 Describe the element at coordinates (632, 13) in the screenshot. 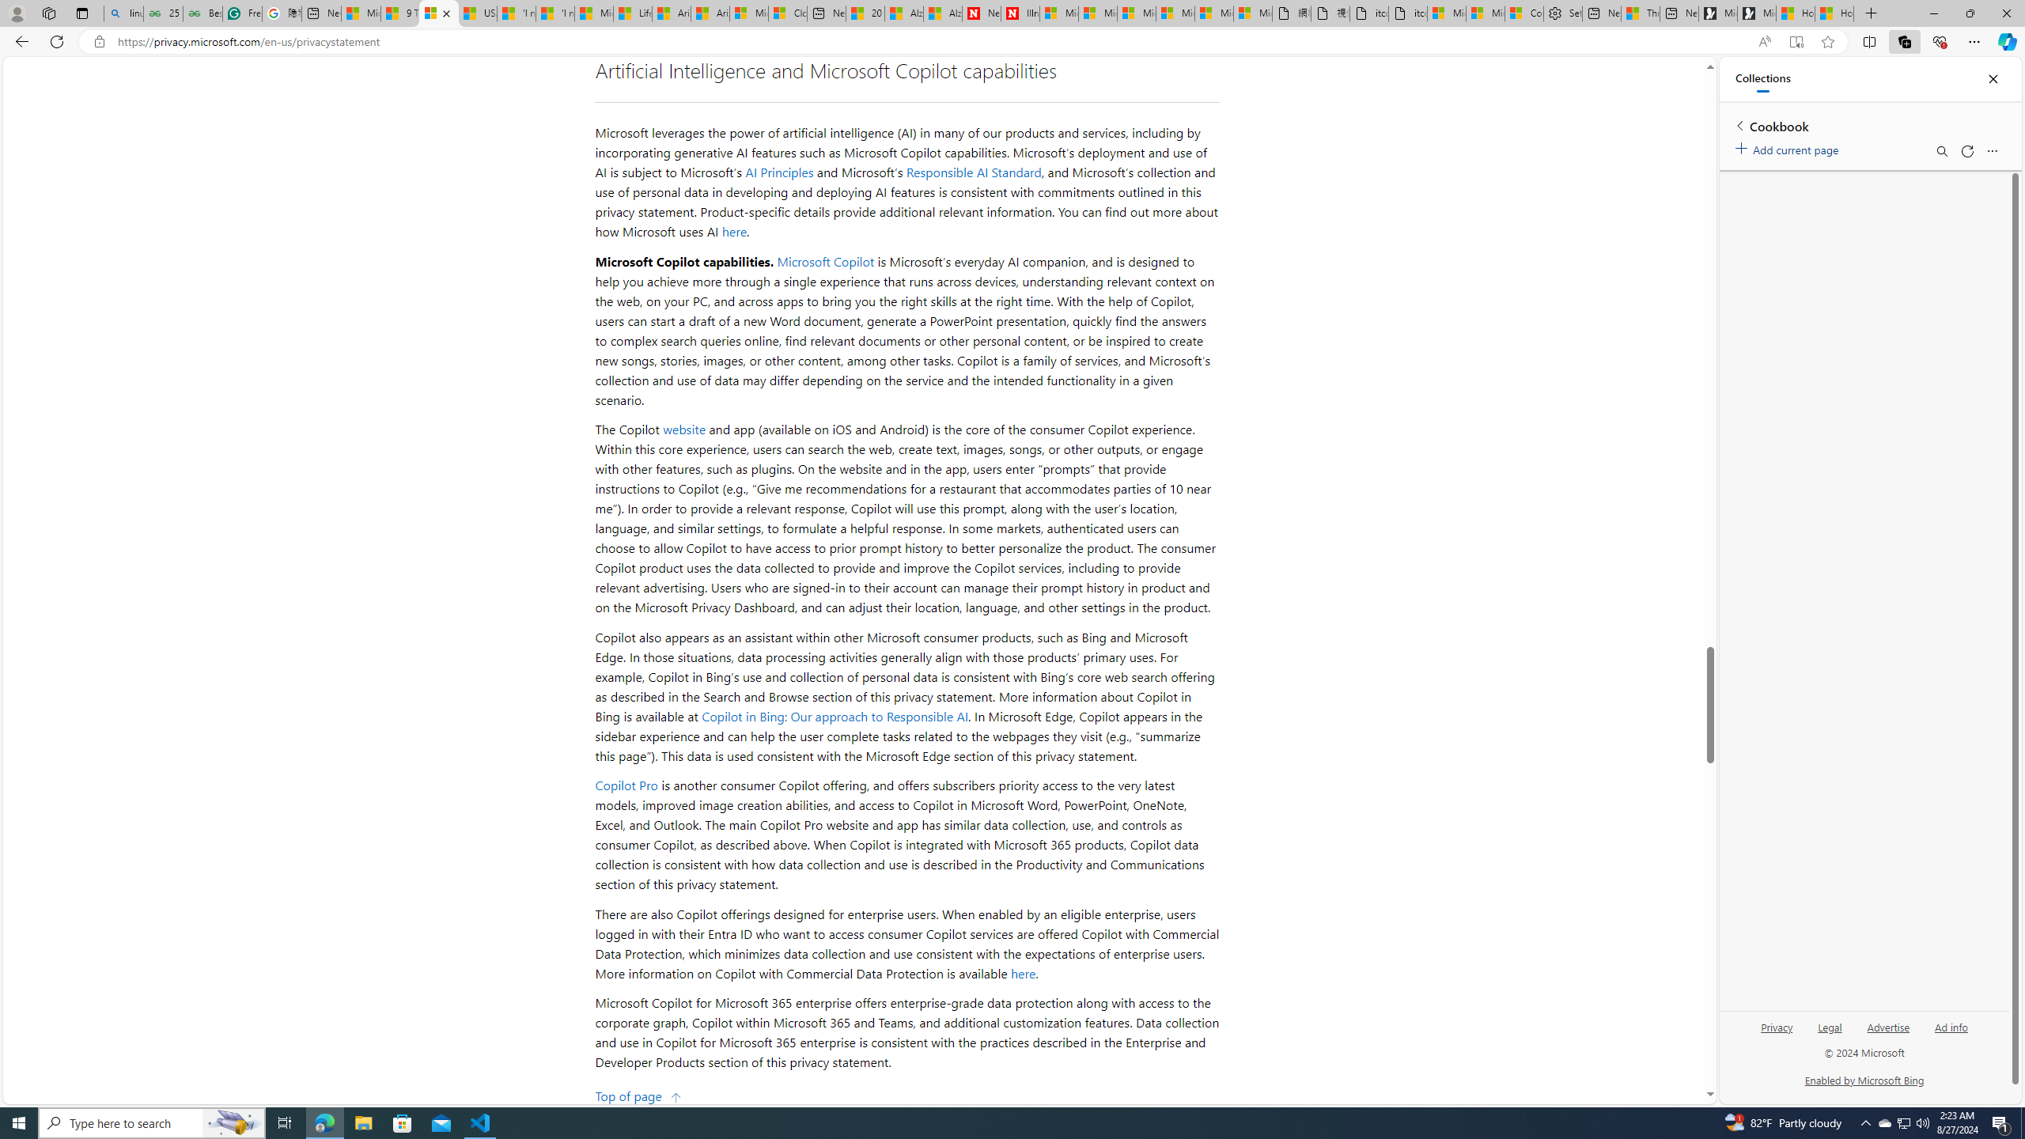

I see `'Lifestyle - MSN'` at that location.